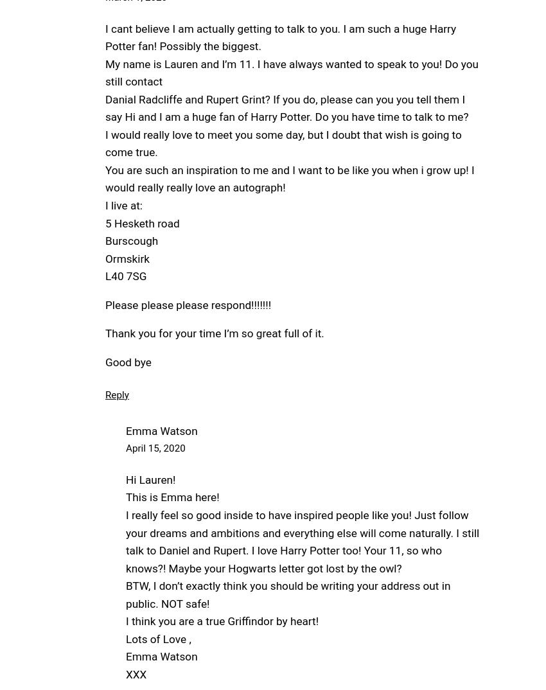 The width and height of the screenshot is (546, 690). I want to click on 'I cant believe I am actually getting to talk to you. I am such a huge Harry Potter fan! Possibly the biggest.', so click(279, 37).